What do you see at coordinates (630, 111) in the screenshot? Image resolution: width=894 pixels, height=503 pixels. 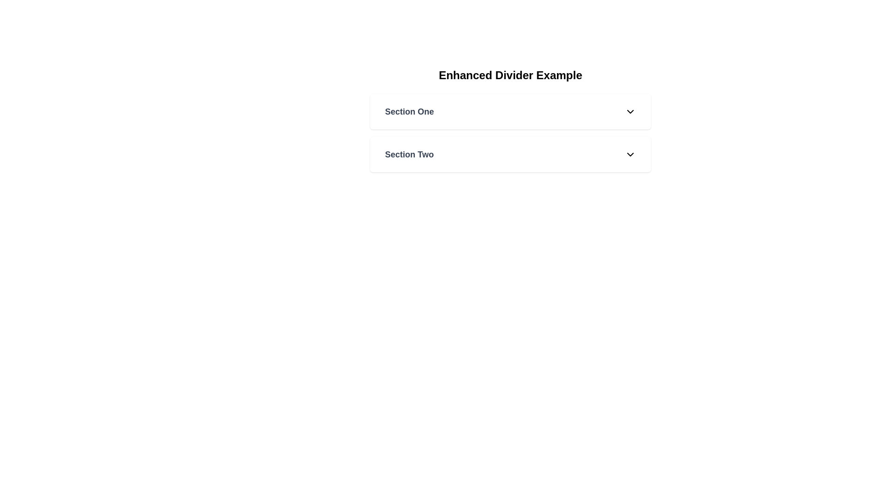 I see `the downwards-facing chevron icon located to the far right within the white rectangular section labeled 'Section One'` at bounding box center [630, 111].